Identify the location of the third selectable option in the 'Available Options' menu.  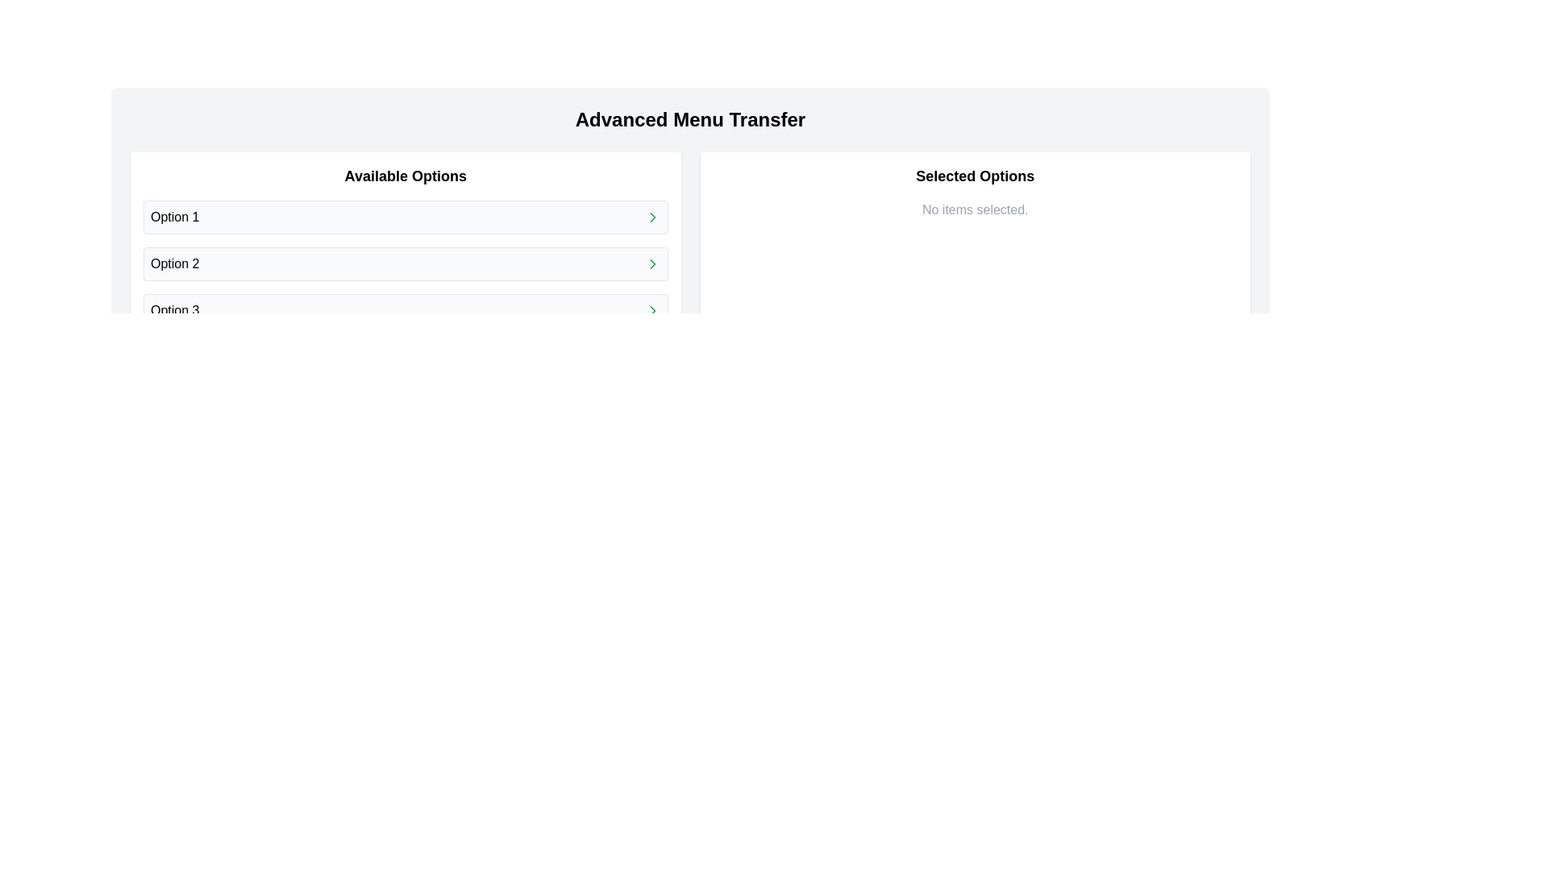
(406, 310).